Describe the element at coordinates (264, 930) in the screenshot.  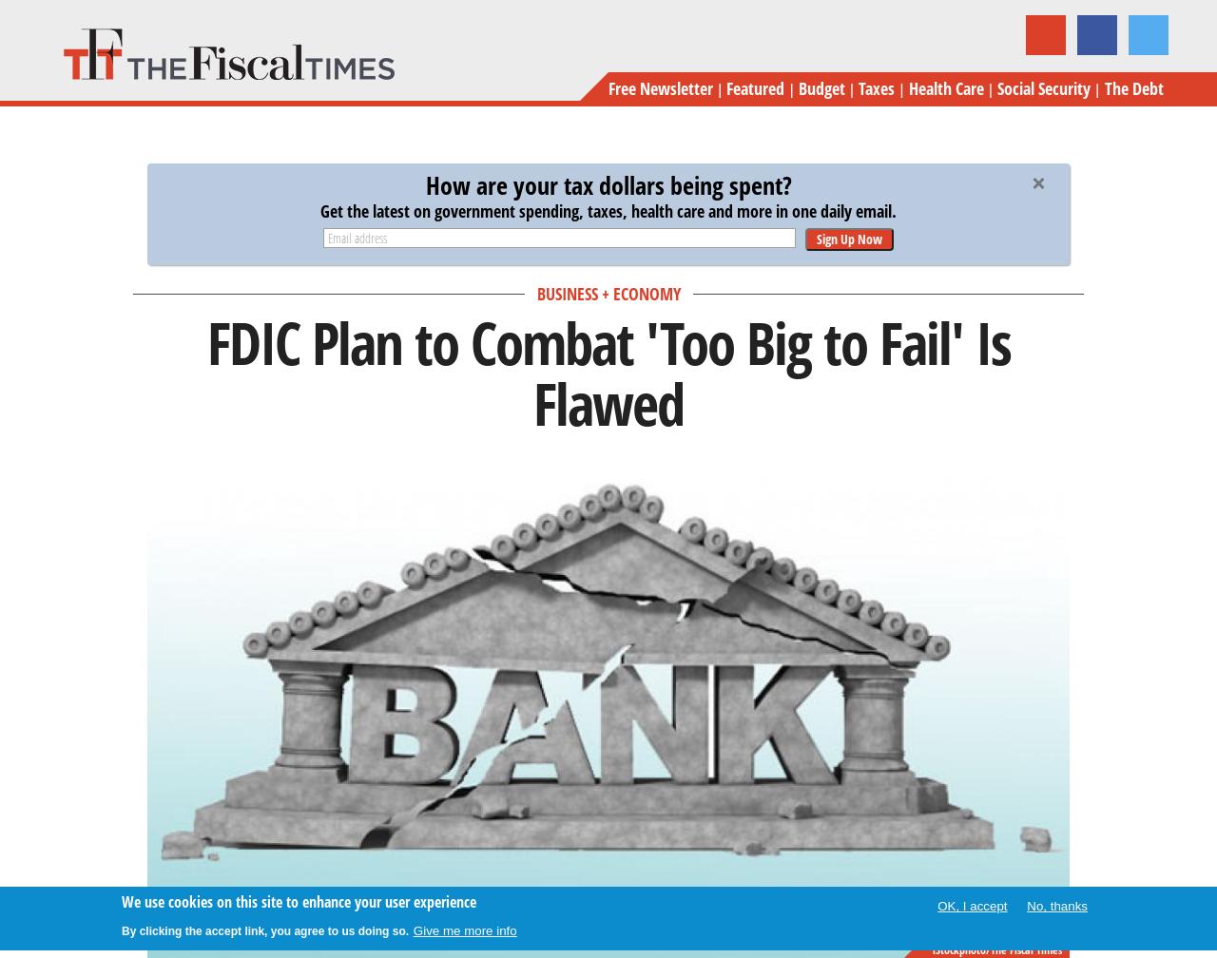
I see `'By clicking the accept link, you agree to us doing so.'` at that location.